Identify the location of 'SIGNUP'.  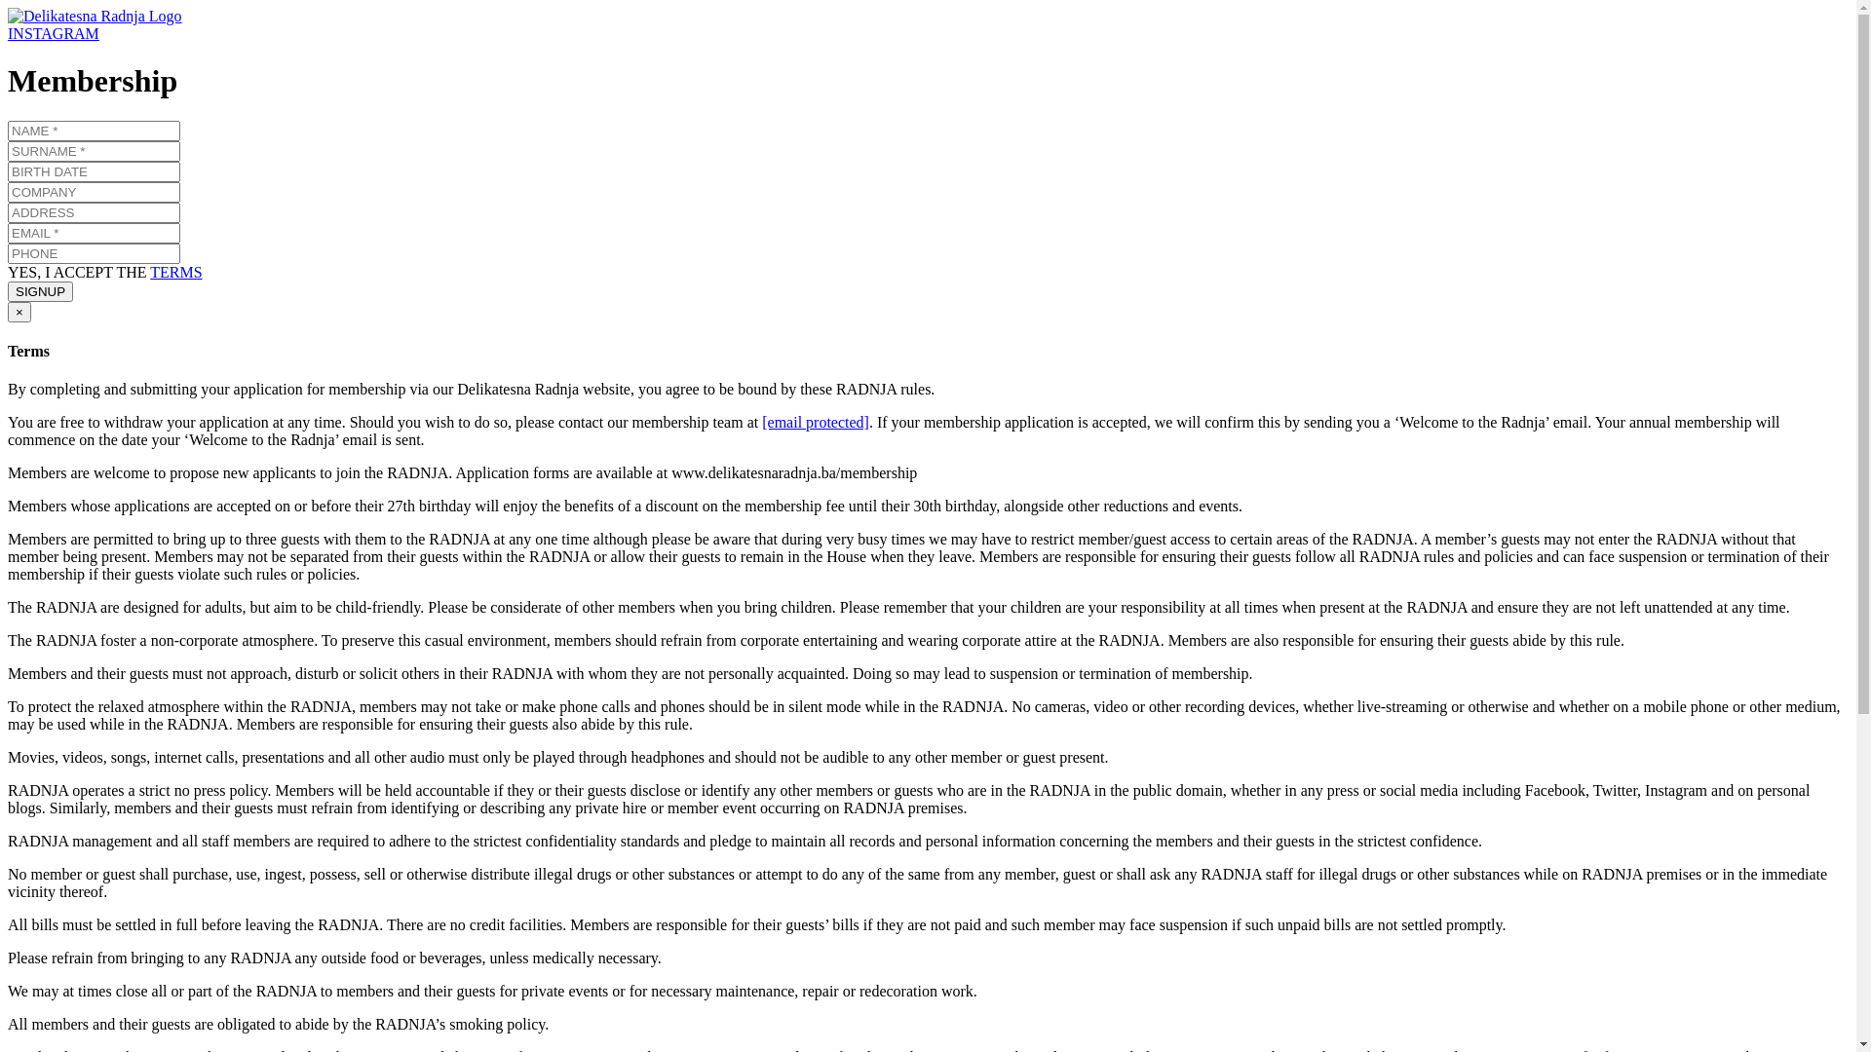
(8, 291).